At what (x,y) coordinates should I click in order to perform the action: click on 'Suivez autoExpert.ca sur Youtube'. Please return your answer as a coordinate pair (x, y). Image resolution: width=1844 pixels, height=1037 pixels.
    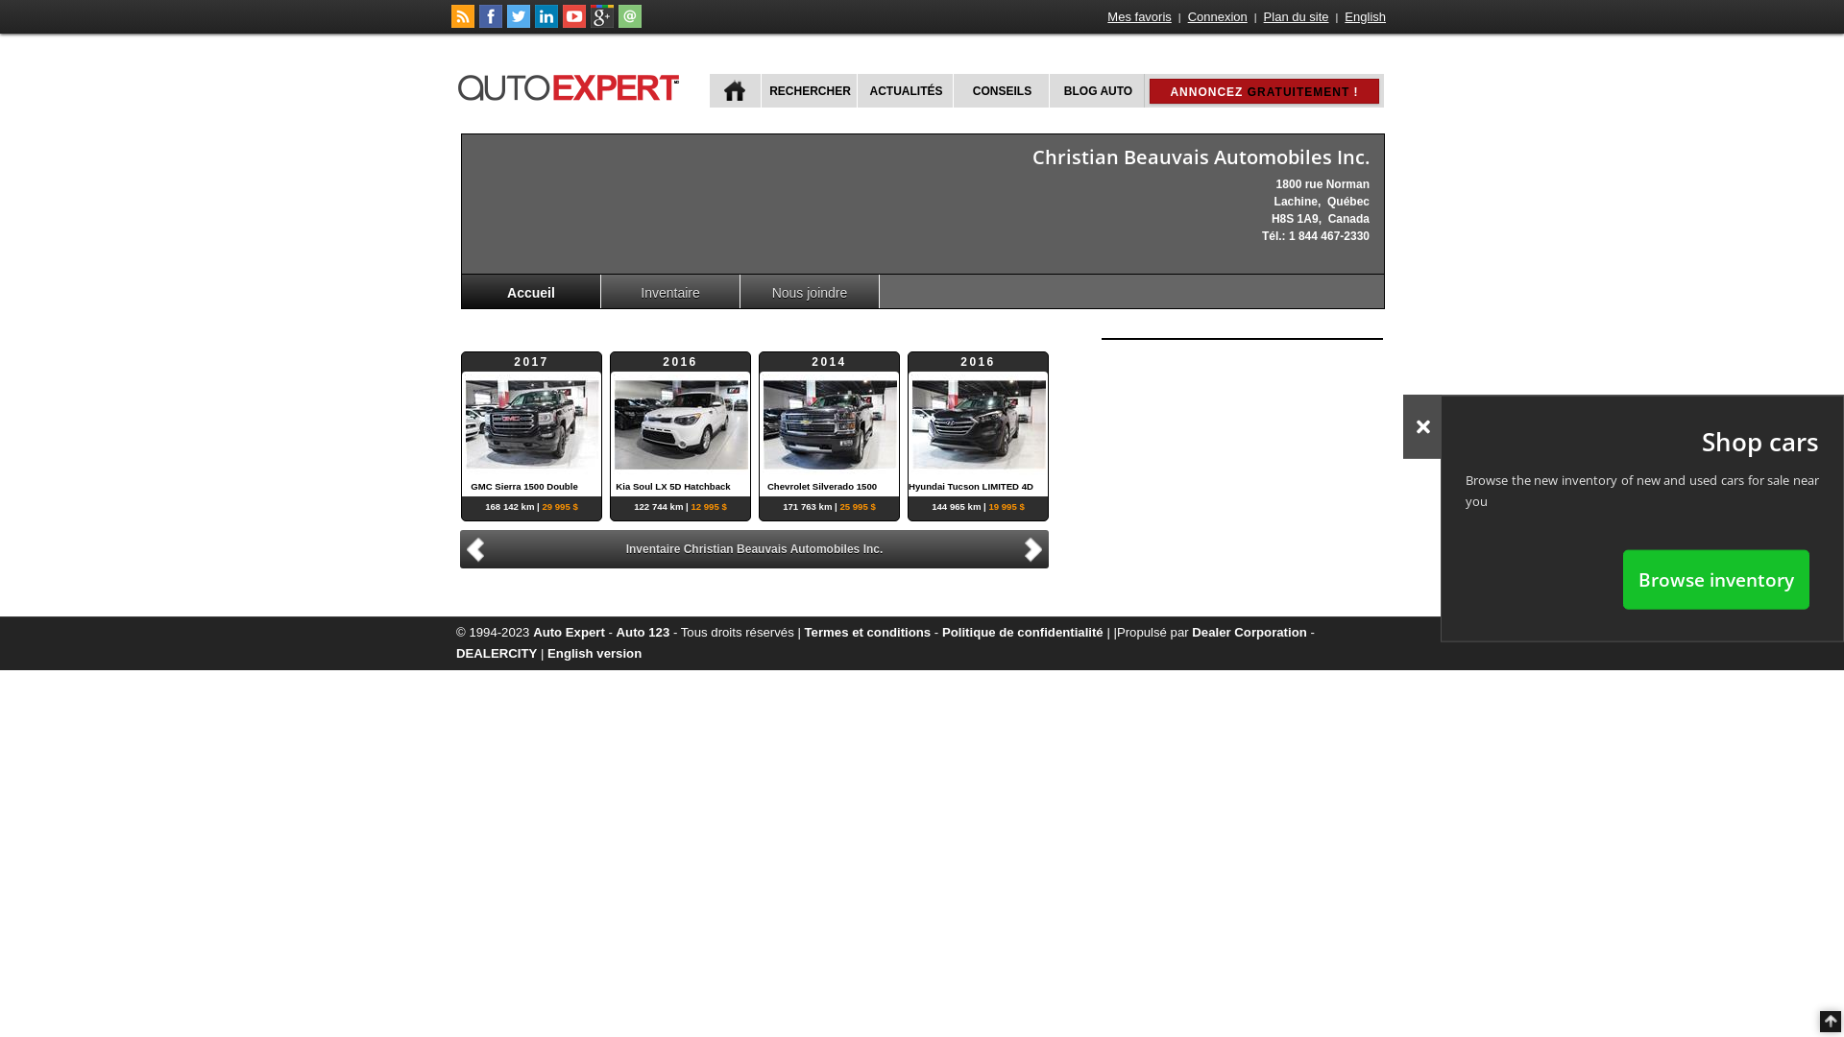
    Looking at the image, I should click on (561, 23).